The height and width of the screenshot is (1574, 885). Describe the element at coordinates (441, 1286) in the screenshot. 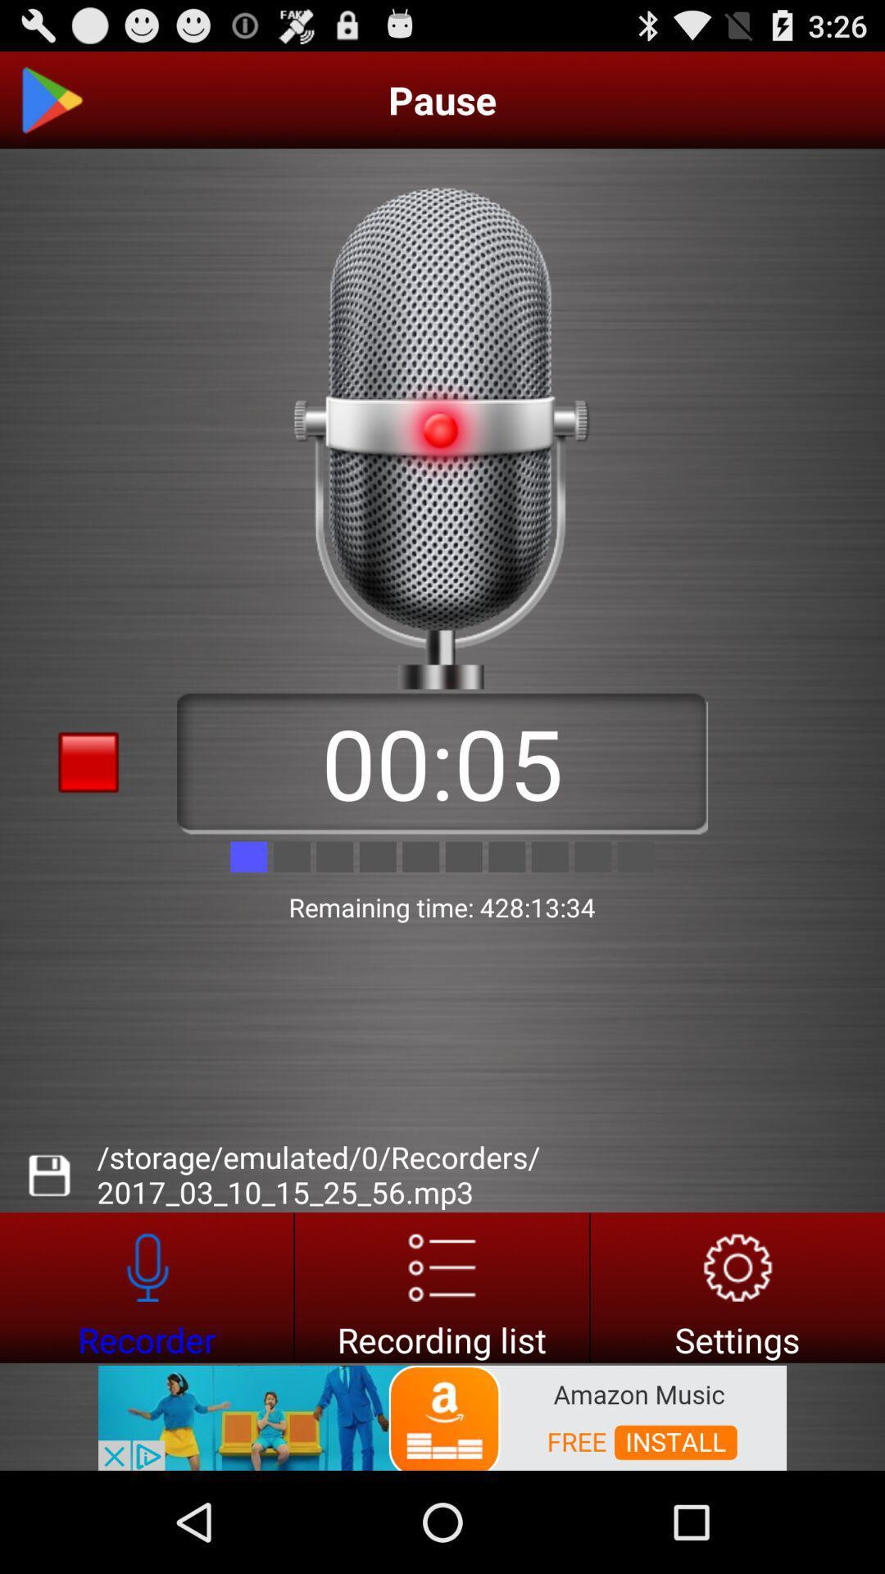

I see `recording list` at that location.